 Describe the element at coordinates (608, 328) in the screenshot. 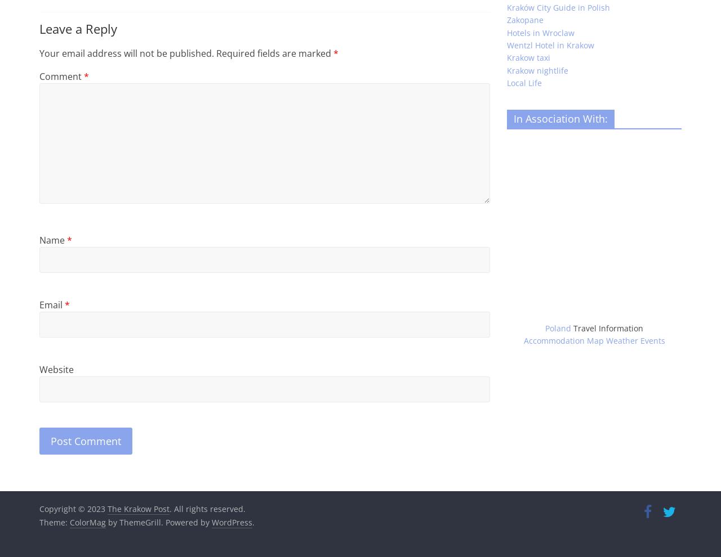

I see `'Travel Information'` at that location.